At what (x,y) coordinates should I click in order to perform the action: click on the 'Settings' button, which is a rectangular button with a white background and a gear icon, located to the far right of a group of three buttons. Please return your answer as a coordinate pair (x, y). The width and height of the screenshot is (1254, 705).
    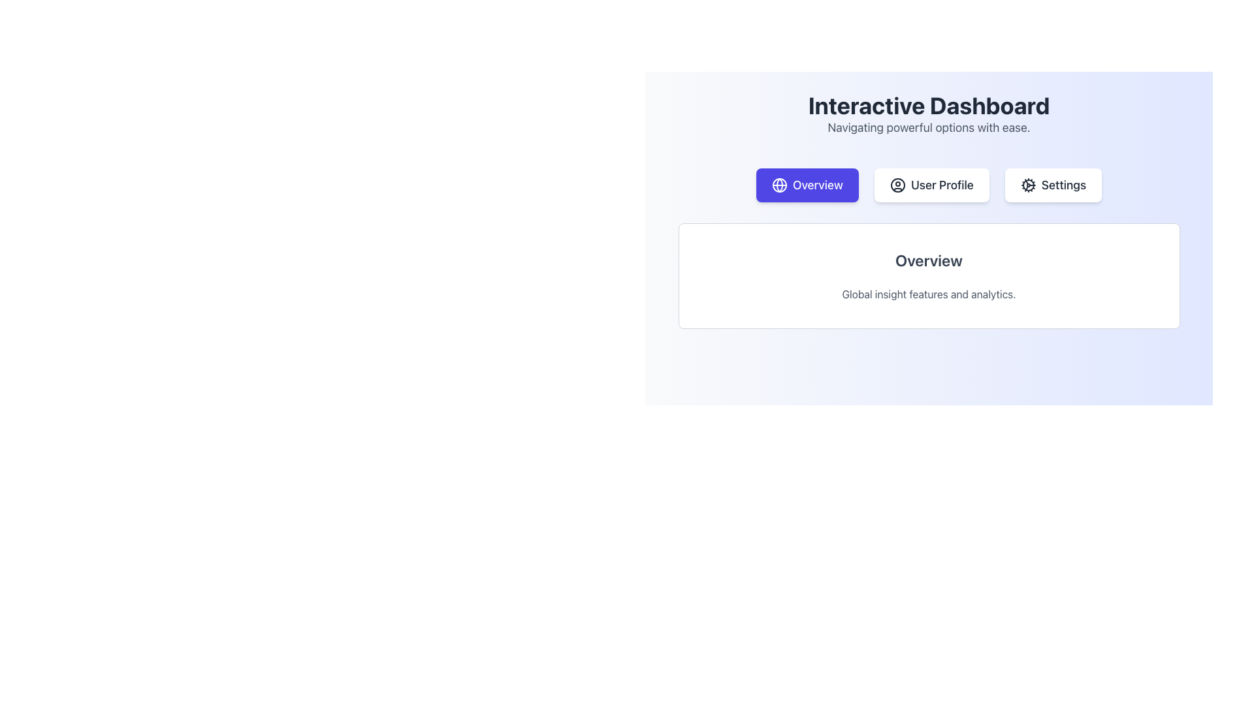
    Looking at the image, I should click on (1053, 185).